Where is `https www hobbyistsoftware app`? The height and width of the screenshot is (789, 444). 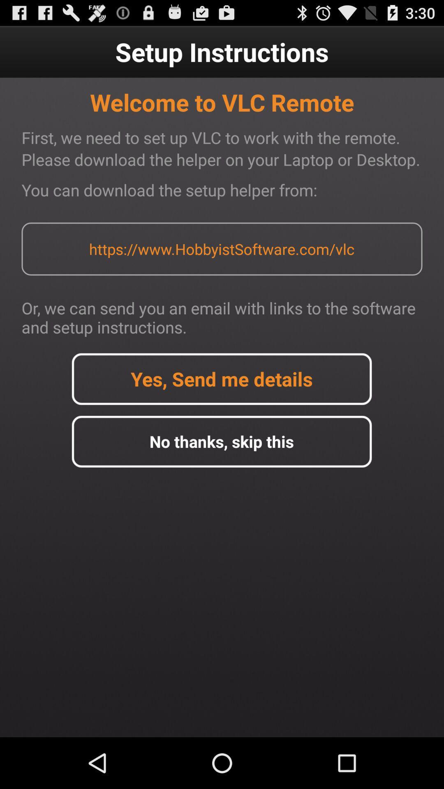 https www hobbyistsoftware app is located at coordinates (221, 248).